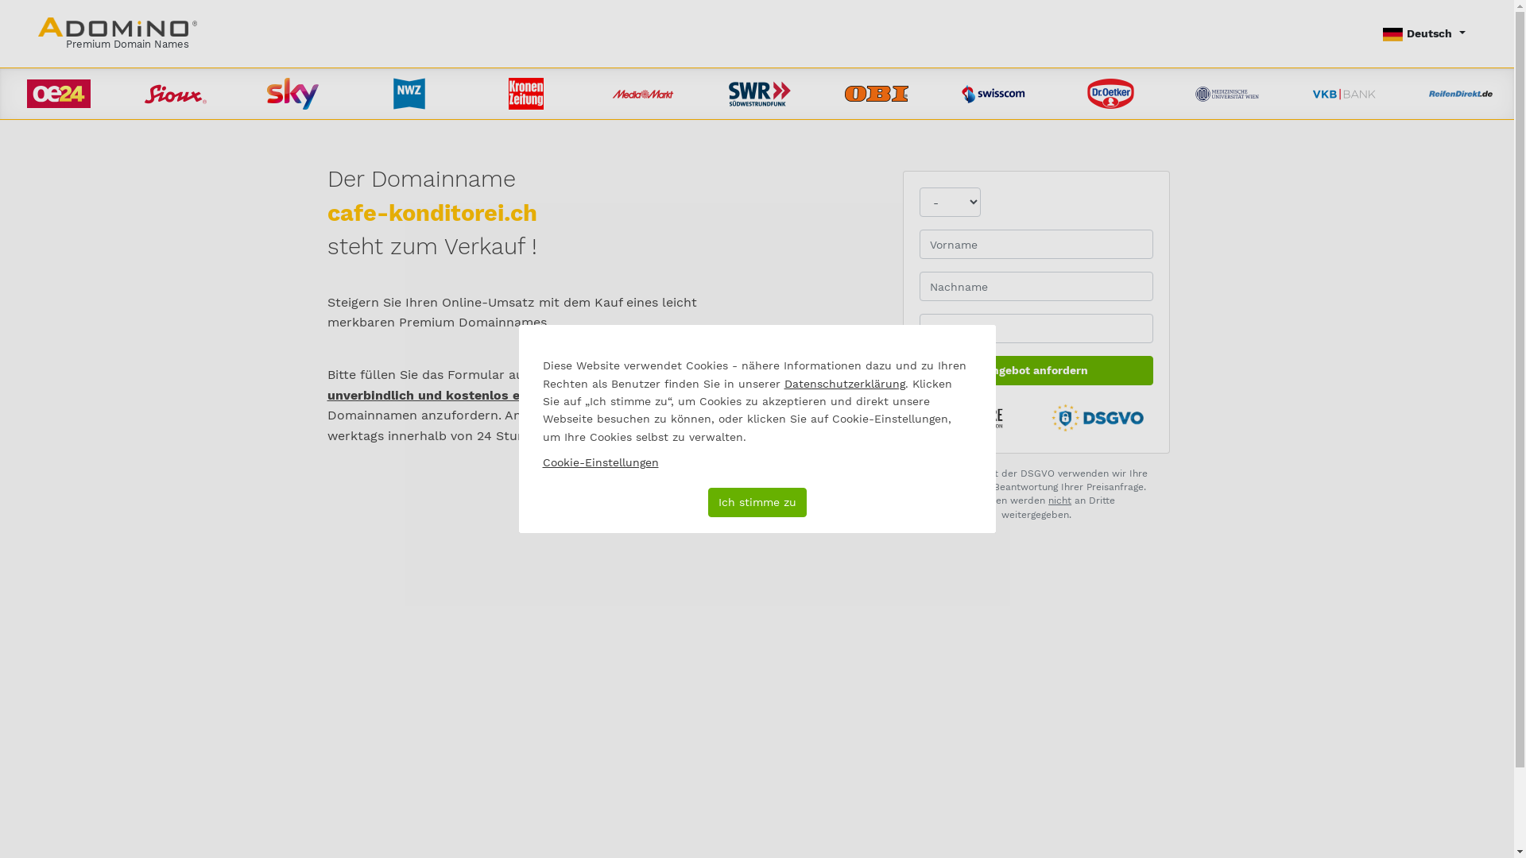  Describe the element at coordinates (755, 502) in the screenshot. I see `'Ich stimme zu'` at that location.